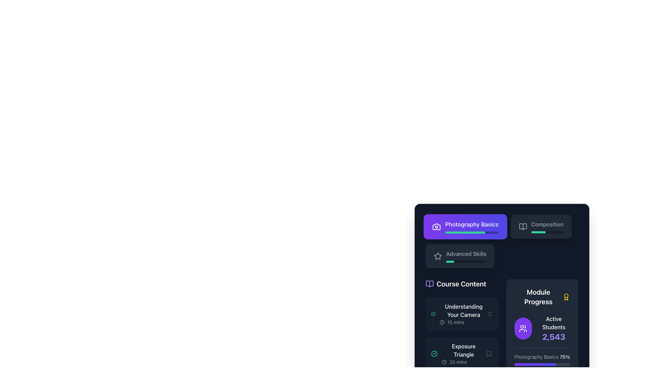  Describe the element at coordinates (554, 328) in the screenshot. I see `the Statistical Information Display located in the 'Module Progress' section` at that location.